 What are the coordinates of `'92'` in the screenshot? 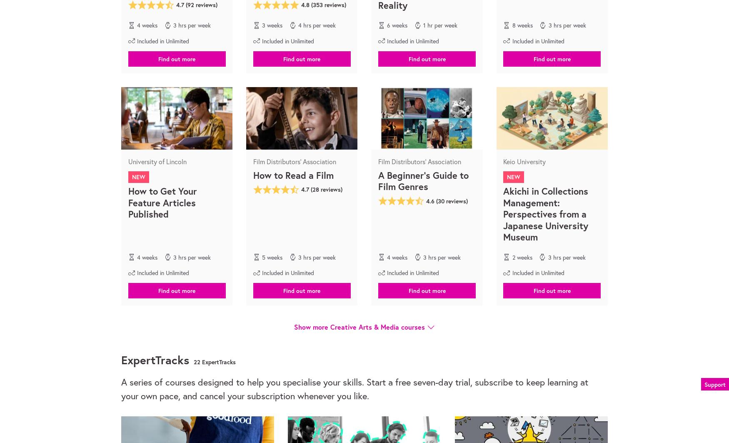 It's located at (190, 5).